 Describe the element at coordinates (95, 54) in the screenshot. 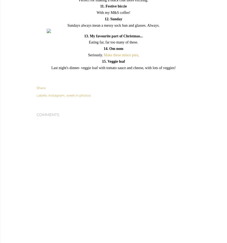

I see `'Seriously.'` at that location.